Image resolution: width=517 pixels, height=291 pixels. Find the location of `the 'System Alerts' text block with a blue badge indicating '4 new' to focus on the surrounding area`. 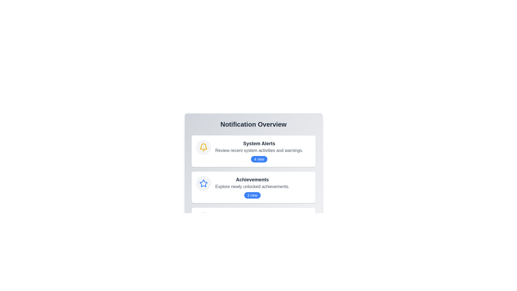

the 'System Alerts' text block with a blue badge indicating '4 new' to focus on the surrounding area is located at coordinates (259, 151).